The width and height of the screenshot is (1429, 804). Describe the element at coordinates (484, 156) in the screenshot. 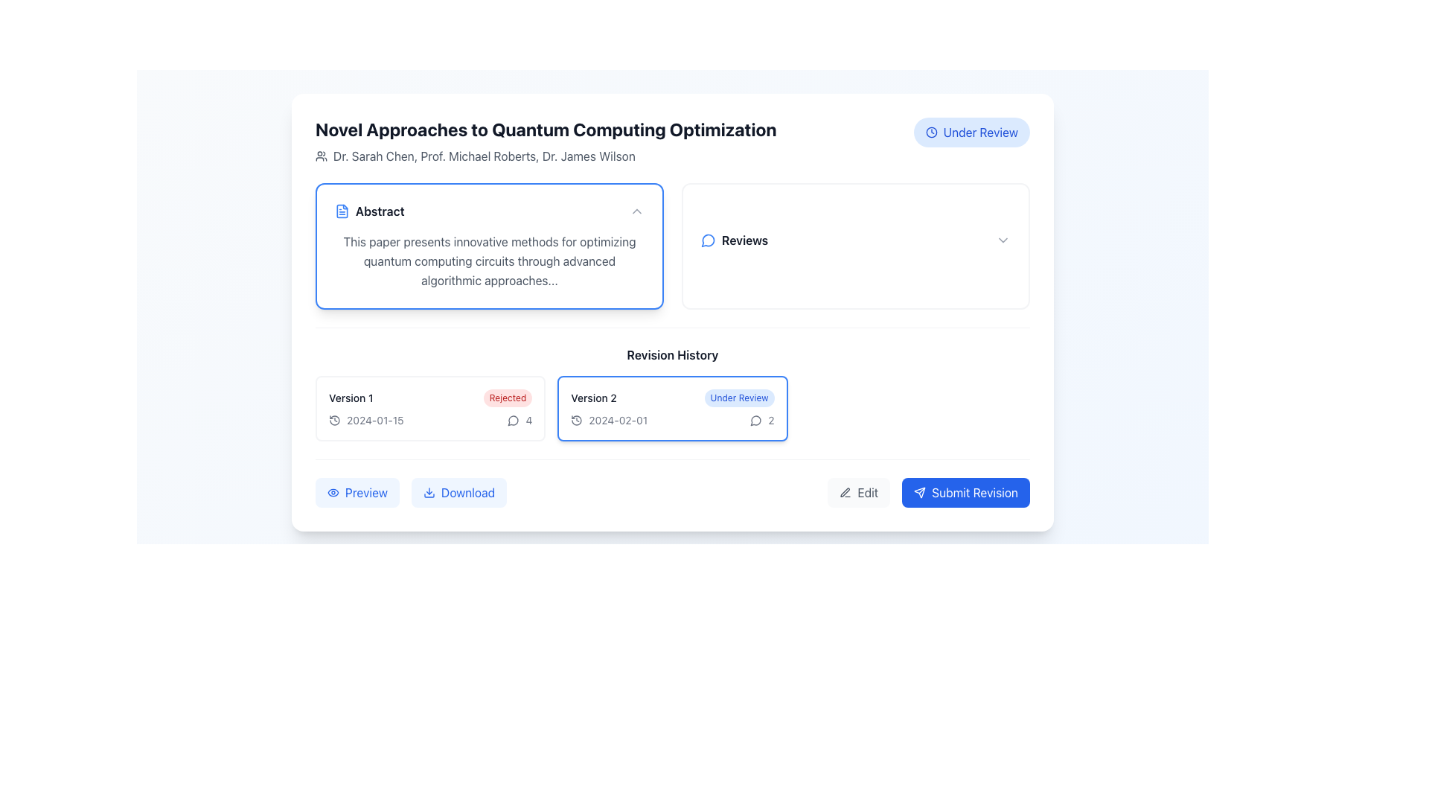

I see `text content of the Text label displaying the names of contributors or authors located below the page title 'Novel Approaches to Quantum Computing Optimization' in the top-left section of the interface` at that location.